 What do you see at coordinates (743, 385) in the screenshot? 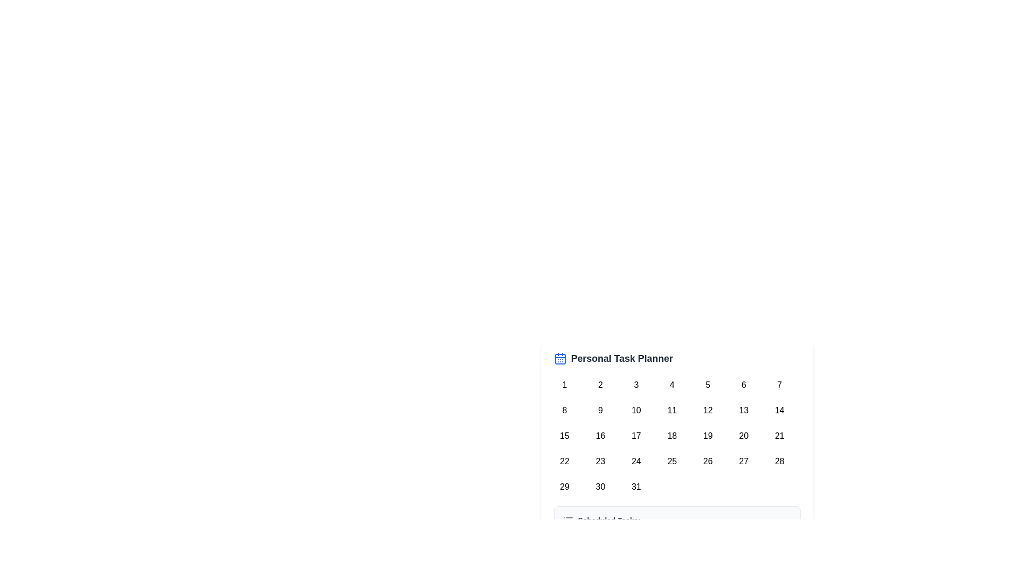
I see `the clickable date button corresponding to the 6th of the month` at bounding box center [743, 385].